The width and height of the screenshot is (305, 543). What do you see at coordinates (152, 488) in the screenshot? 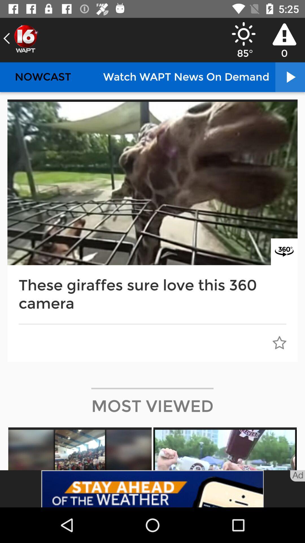
I see `open advertisement` at bounding box center [152, 488].